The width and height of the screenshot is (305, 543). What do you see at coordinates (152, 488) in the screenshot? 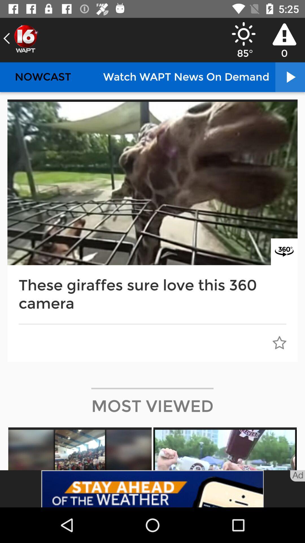
I see `open advertisement` at bounding box center [152, 488].